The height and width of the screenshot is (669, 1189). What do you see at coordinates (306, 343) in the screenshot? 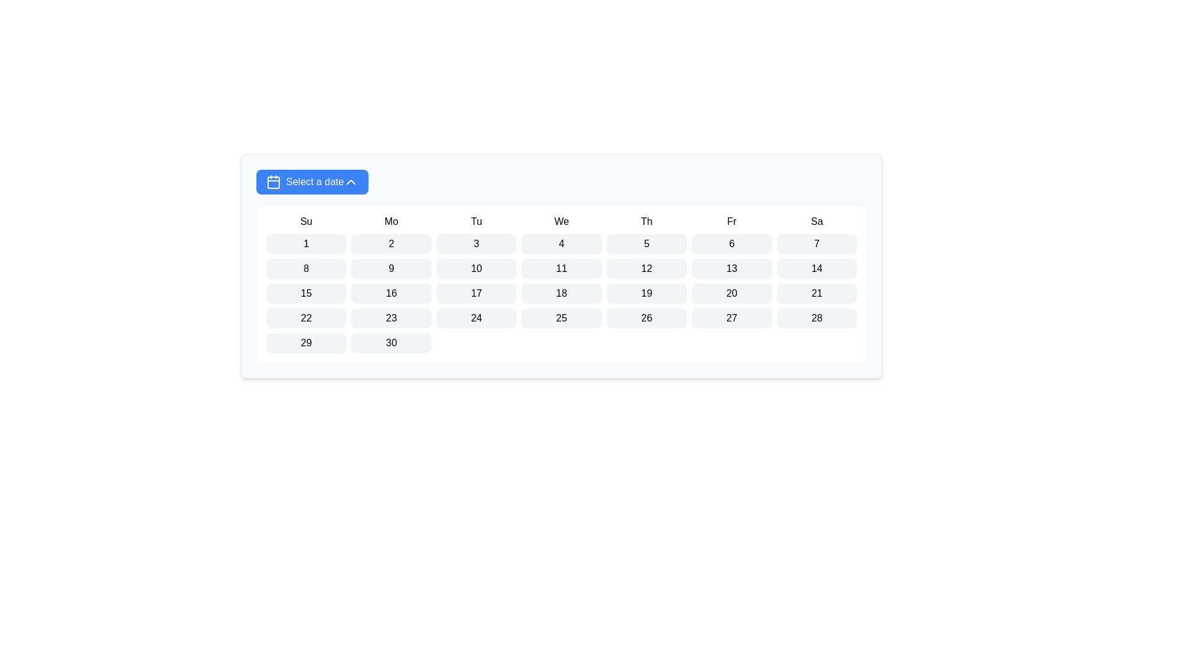
I see `the button representing the 29th day in the calendar located in the bottom row and first column under the 'Su' heading` at bounding box center [306, 343].